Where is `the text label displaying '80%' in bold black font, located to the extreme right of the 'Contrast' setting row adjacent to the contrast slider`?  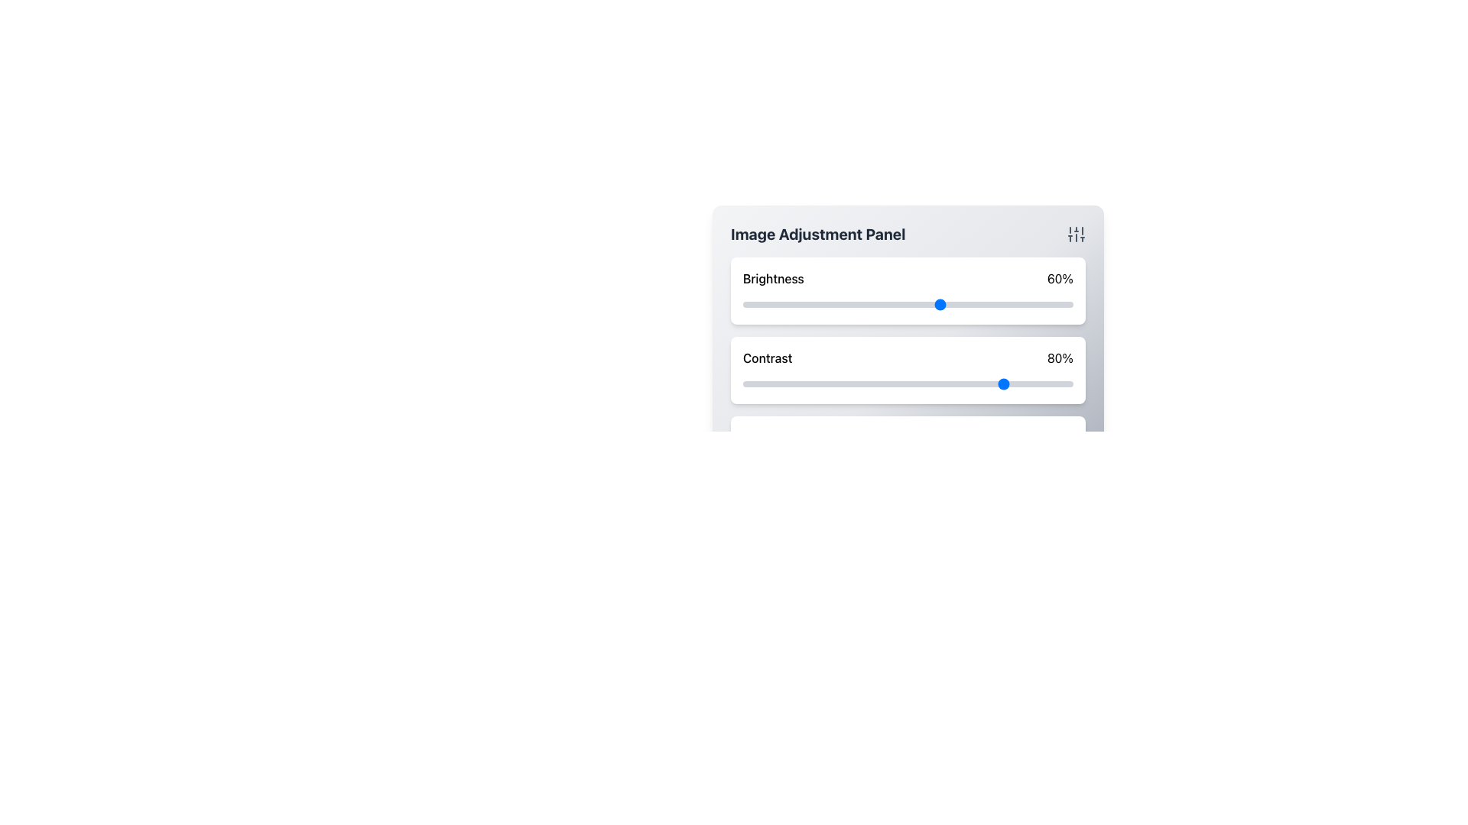 the text label displaying '80%' in bold black font, located to the extreme right of the 'Contrast' setting row adjacent to the contrast slider is located at coordinates (1059, 358).